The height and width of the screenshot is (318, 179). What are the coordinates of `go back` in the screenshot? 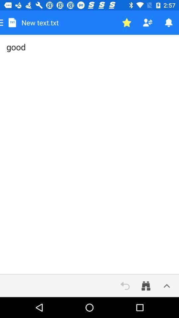 It's located at (125, 286).